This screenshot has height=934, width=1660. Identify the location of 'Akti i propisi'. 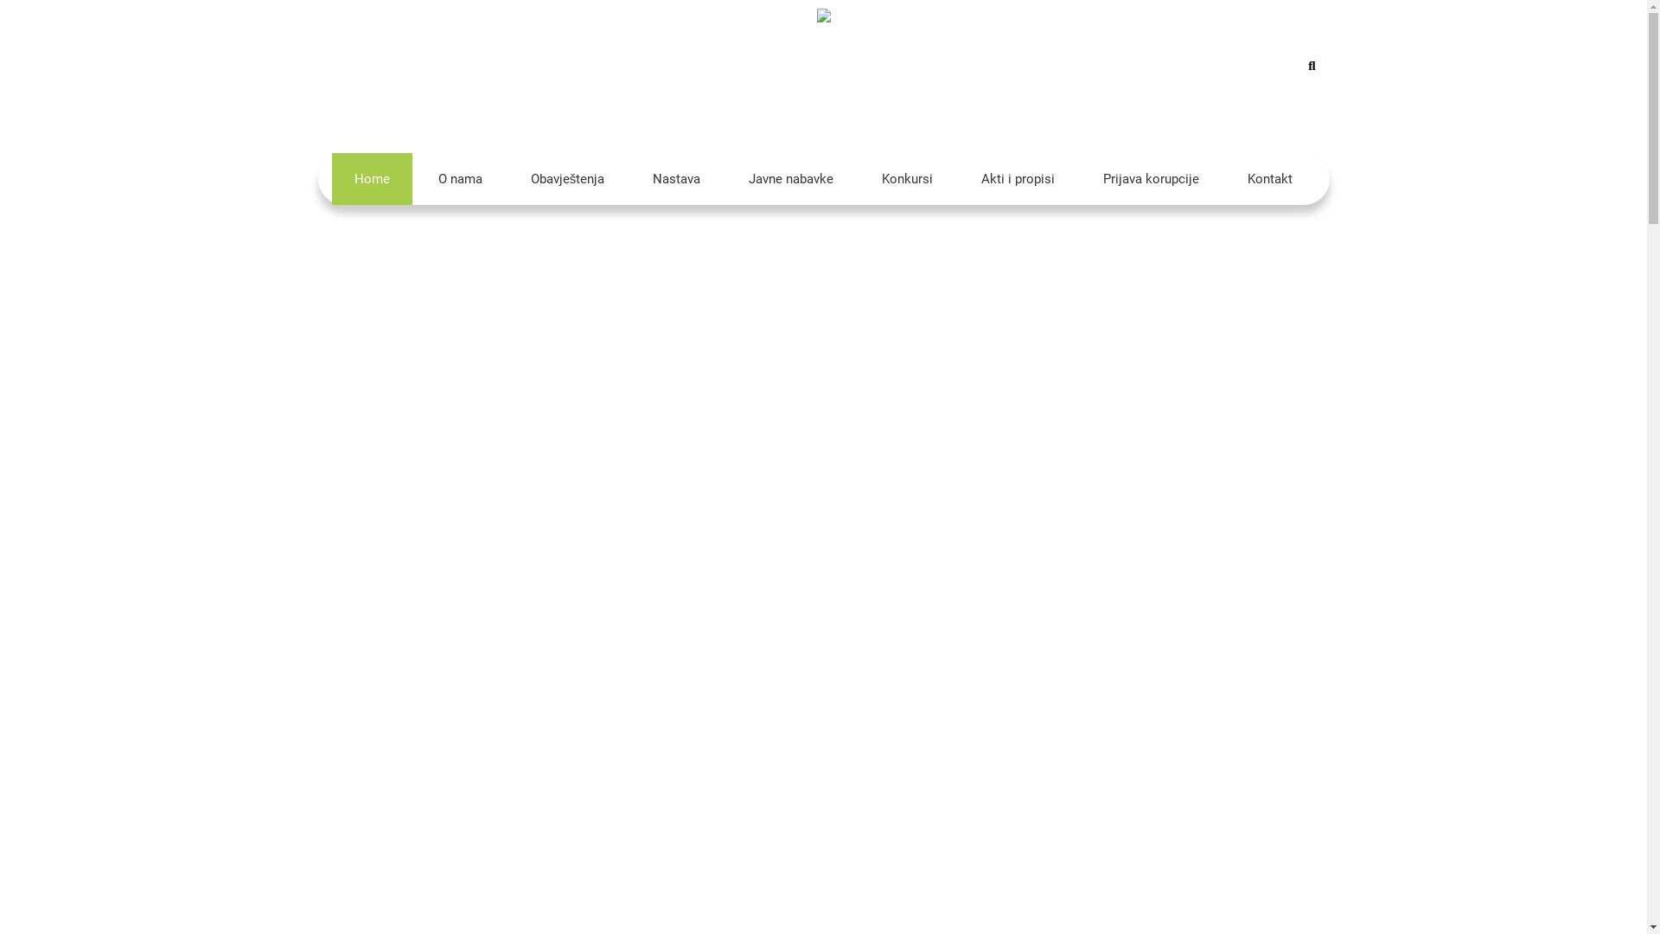
(957, 179).